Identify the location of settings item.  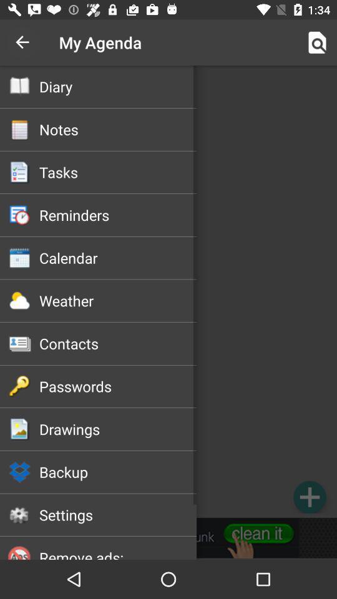
(118, 515).